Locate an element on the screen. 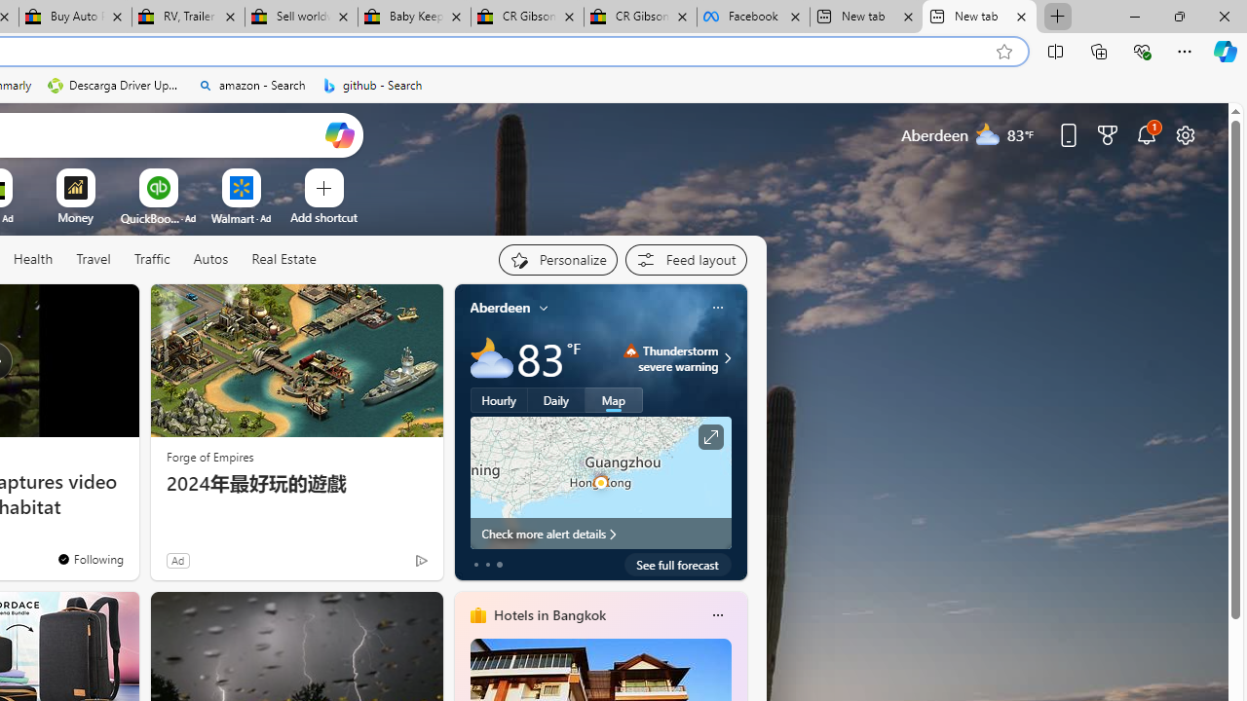 The image size is (1247, 701). 'tab-2' is located at coordinates (499, 564).